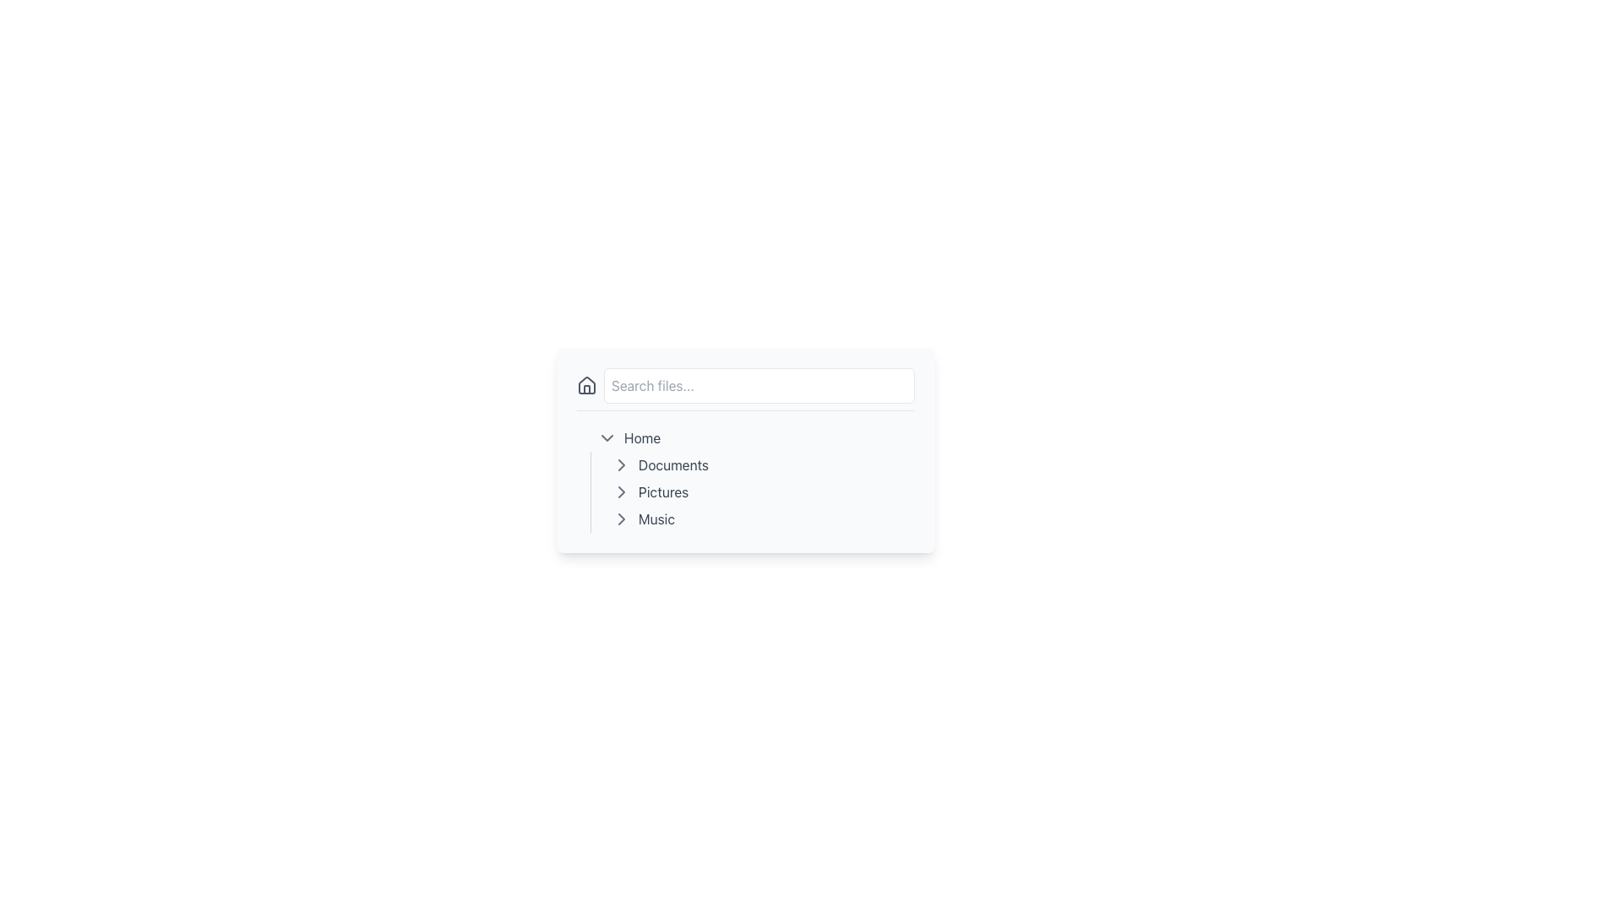  I want to click on the house icon element representing the 'Home' navigation functionality, so click(587, 384).